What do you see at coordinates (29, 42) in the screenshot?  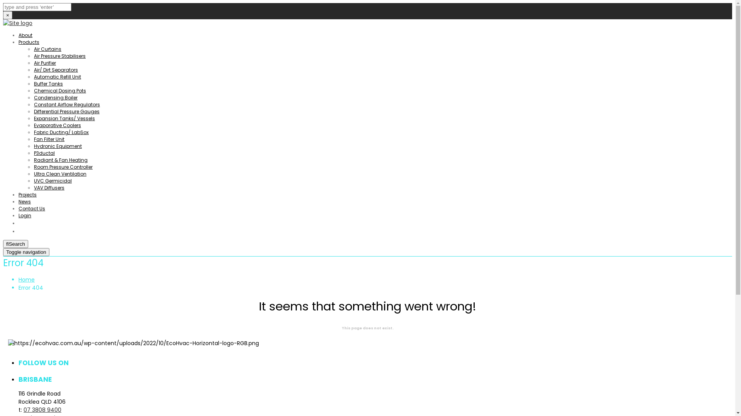 I see `'Products'` at bounding box center [29, 42].